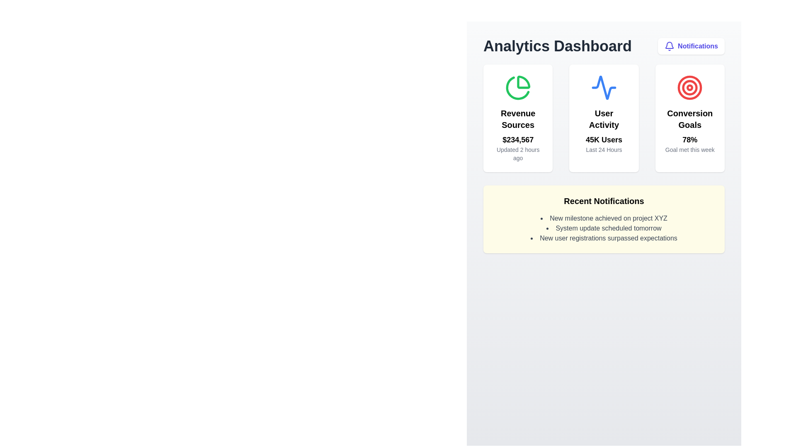 Image resolution: width=796 pixels, height=447 pixels. What do you see at coordinates (690, 88) in the screenshot?
I see `the circular visual element located in the top-right corner of the layout, next to the 'Conversion Goals' label, which is the third icon in a row of three icons` at bounding box center [690, 88].